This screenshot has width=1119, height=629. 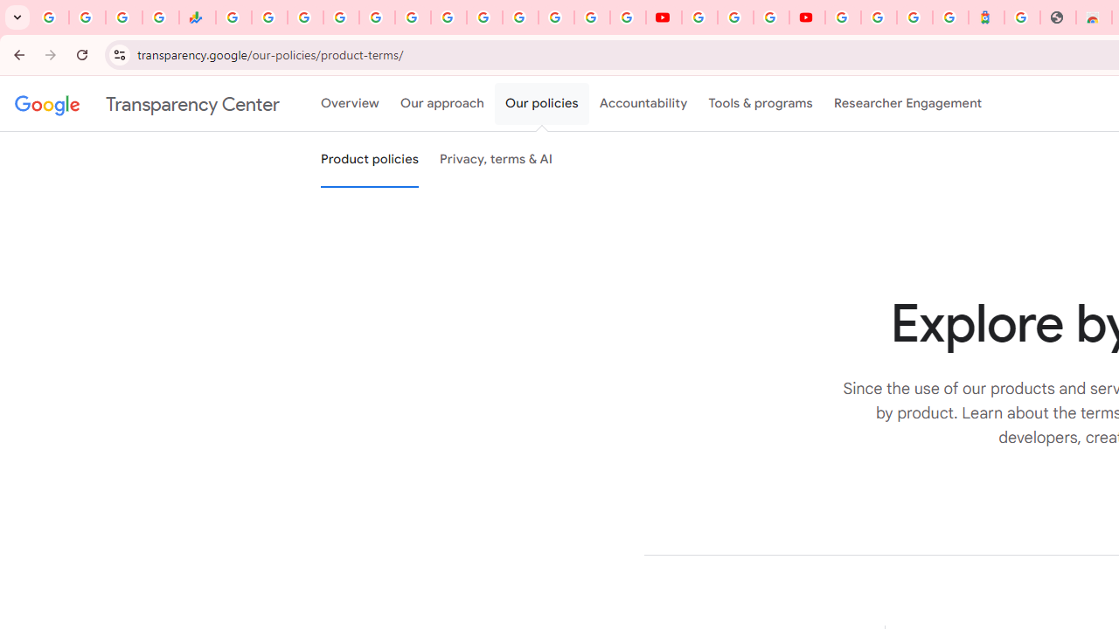 I want to click on 'Researcher Engagement', so click(x=907, y=104).